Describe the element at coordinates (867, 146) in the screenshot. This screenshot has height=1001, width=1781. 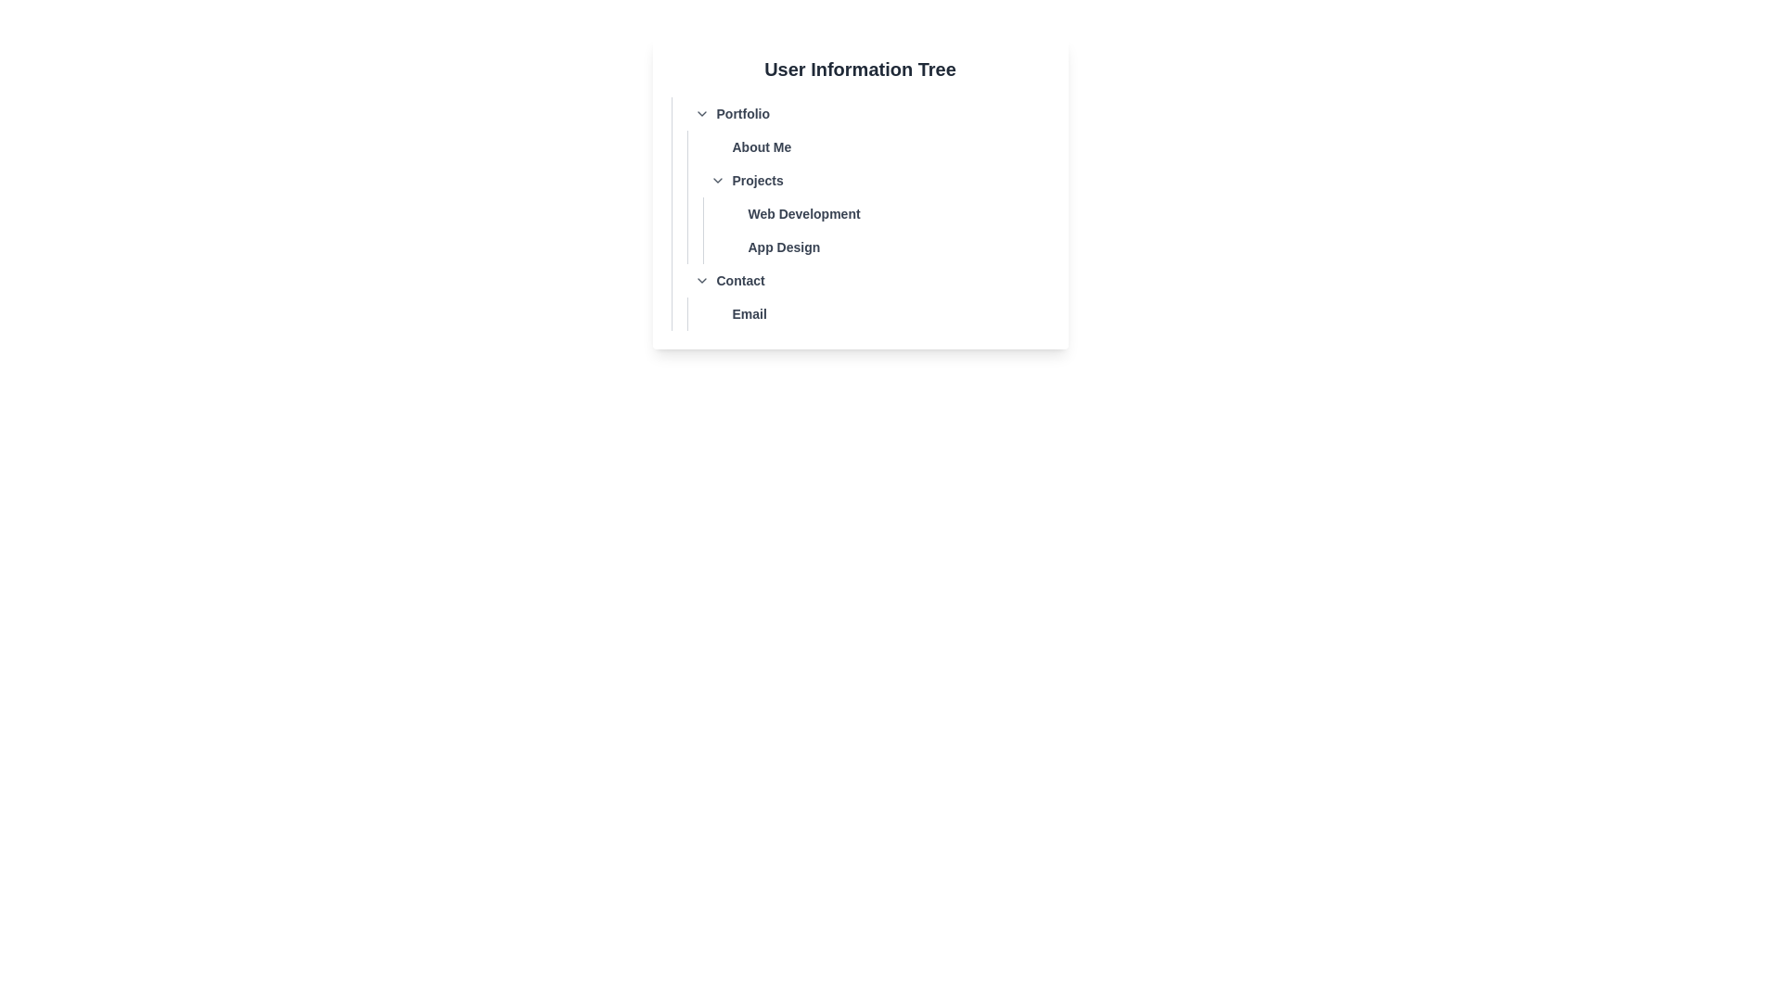
I see `the 'About Me' navigation link located under the 'Portfolio' section` at that location.